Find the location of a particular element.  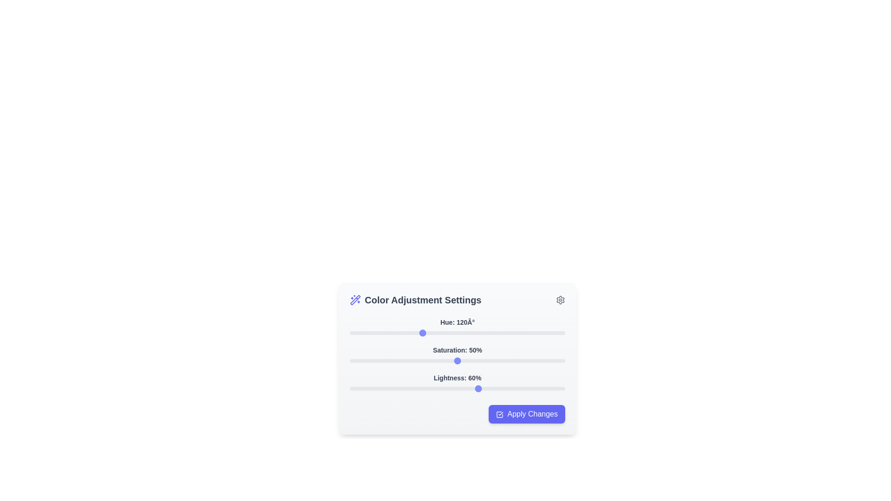

the text label displaying 'Saturation: 50%' which is a bold, medium-sized, gray-colored font, centrally aligned above the saturation slider in the color adjustment settings panel is located at coordinates (457, 350).